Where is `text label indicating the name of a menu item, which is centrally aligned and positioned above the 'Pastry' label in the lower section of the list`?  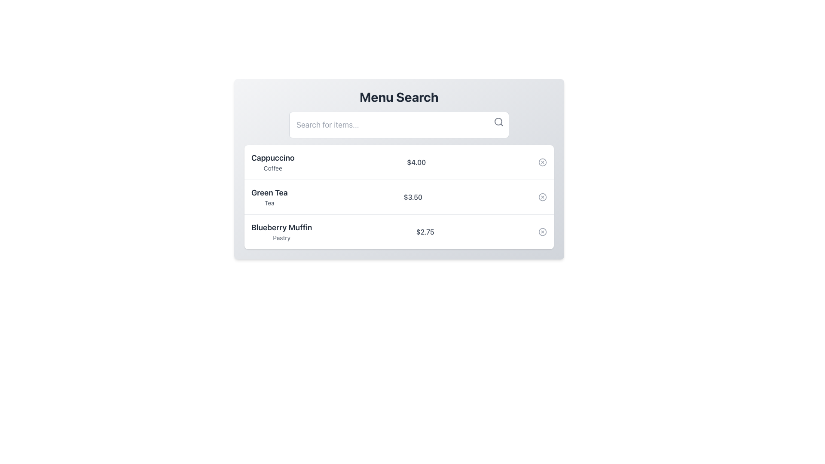
text label indicating the name of a menu item, which is centrally aligned and positioned above the 'Pastry' label in the lower section of the list is located at coordinates (281, 227).